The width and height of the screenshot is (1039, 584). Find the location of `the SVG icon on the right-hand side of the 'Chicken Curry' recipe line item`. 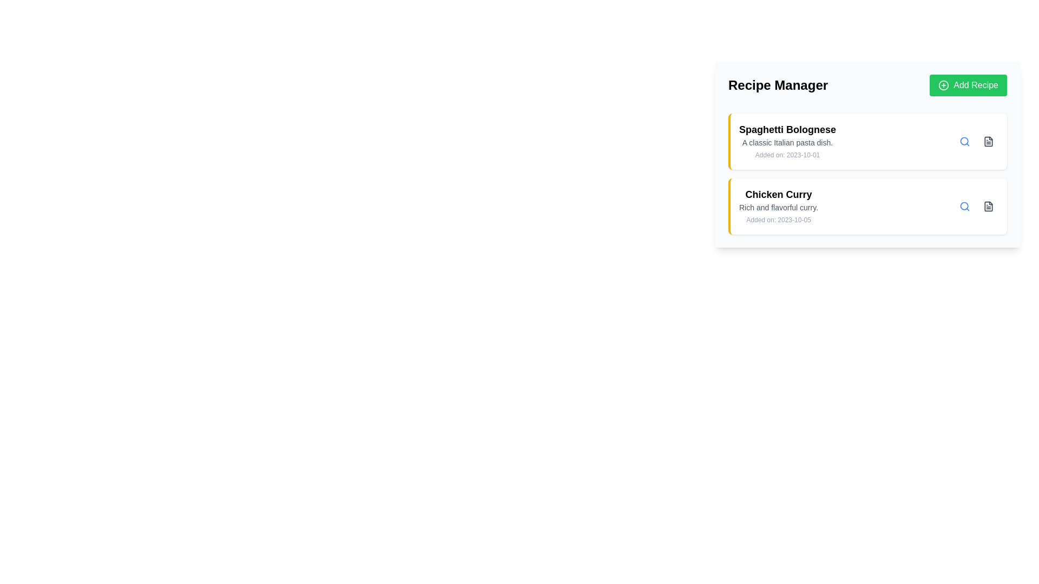

the SVG icon on the right-hand side of the 'Chicken Curry' recipe line item is located at coordinates (989, 206).